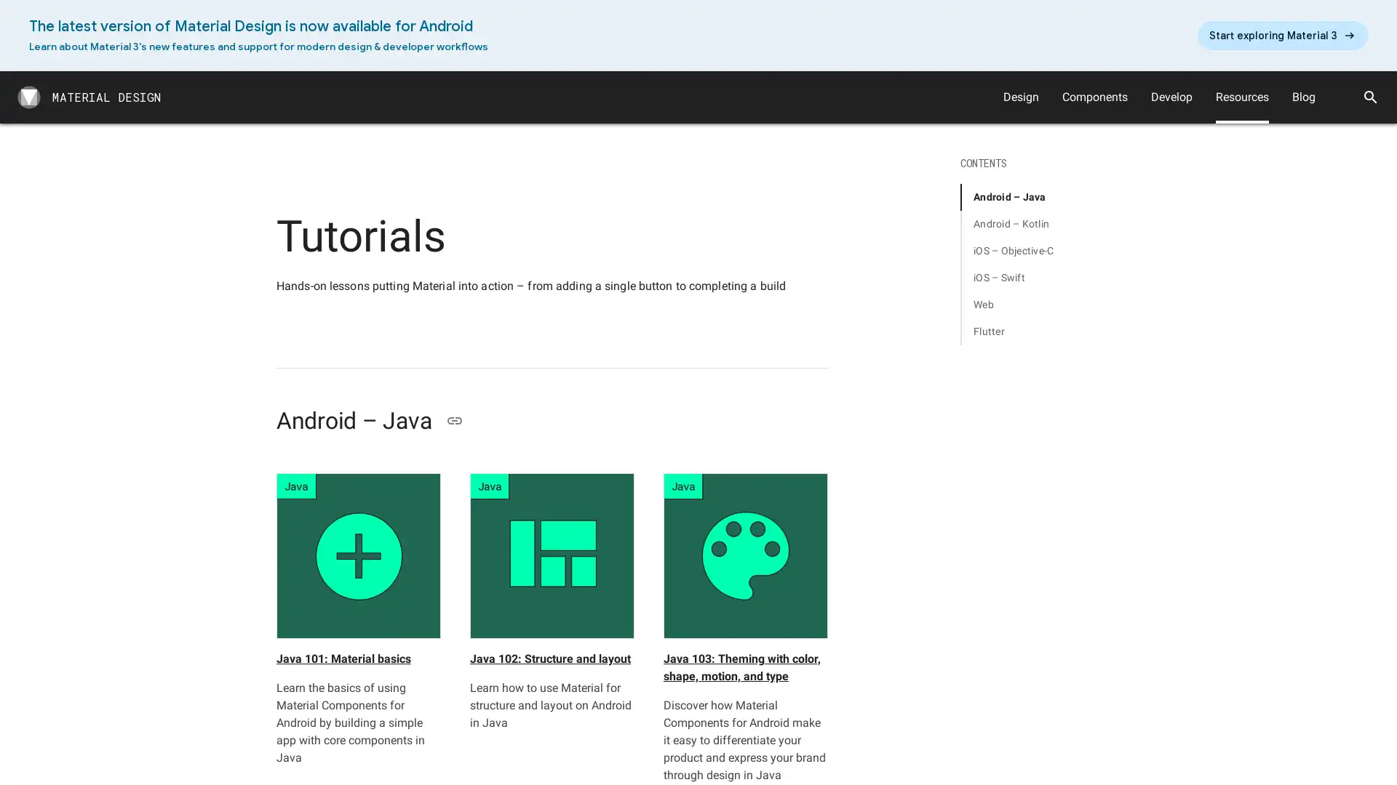  Describe the element at coordinates (453, 420) in the screenshot. I see `Copy link to Android  Java section` at that location.